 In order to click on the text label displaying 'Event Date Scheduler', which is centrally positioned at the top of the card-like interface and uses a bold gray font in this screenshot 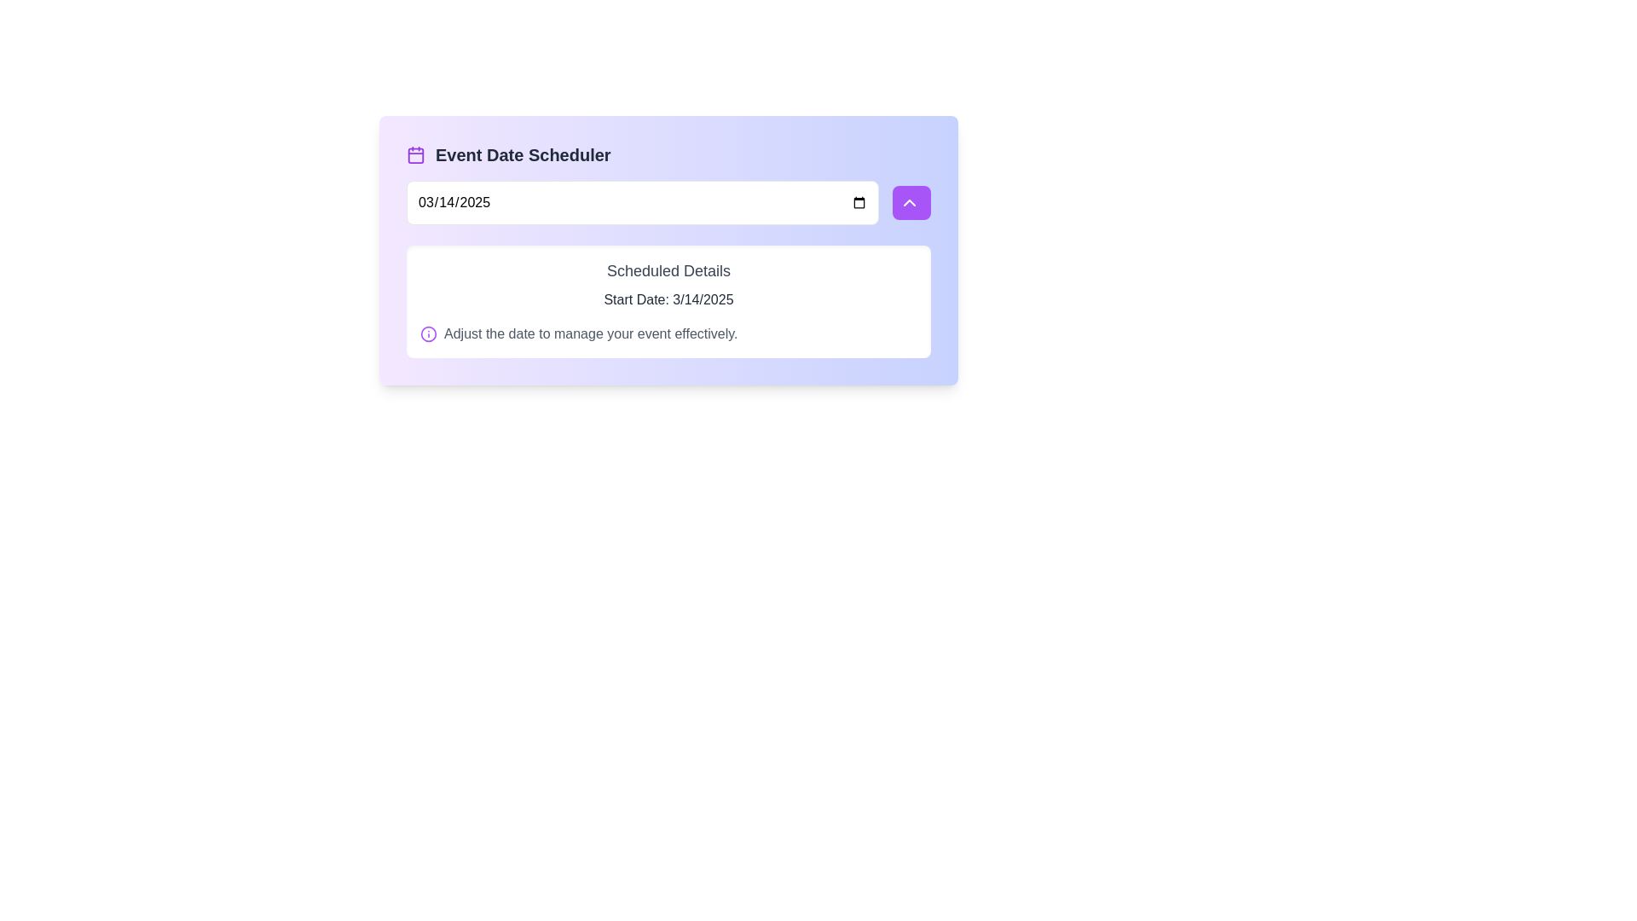, I will do `click(522, 154)`.